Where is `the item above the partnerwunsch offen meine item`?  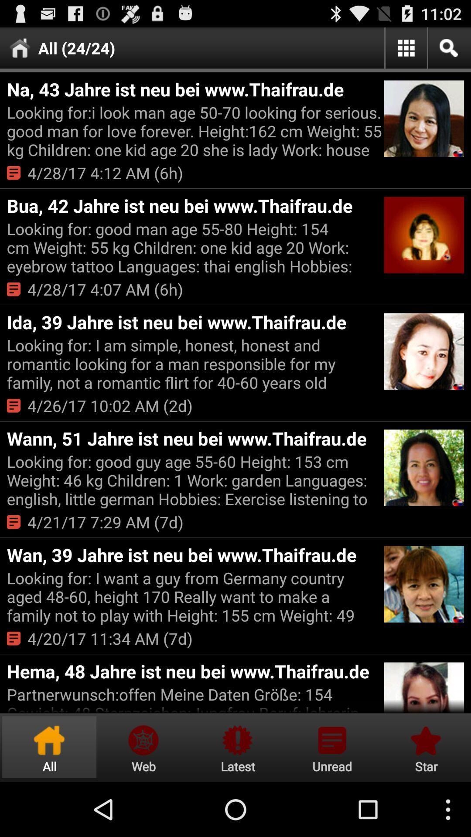 the item above the partnerwunsch offen meine item is located at coordinates (194, 670).